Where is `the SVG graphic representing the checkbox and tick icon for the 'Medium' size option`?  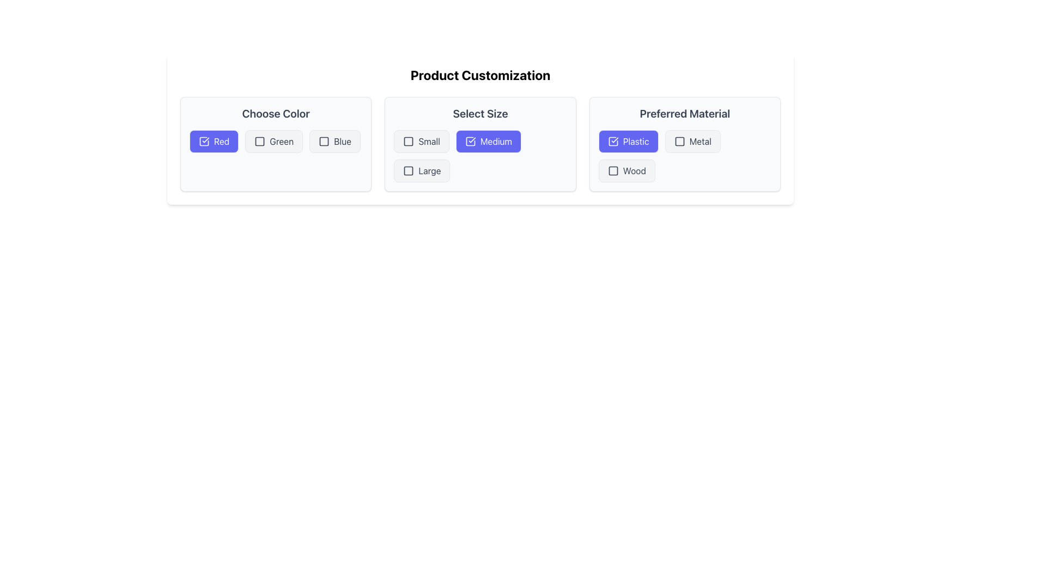 the SVG graphic representing the checkbox and tick icon for the 'Medium' size option is located at coordinates (470, 140).